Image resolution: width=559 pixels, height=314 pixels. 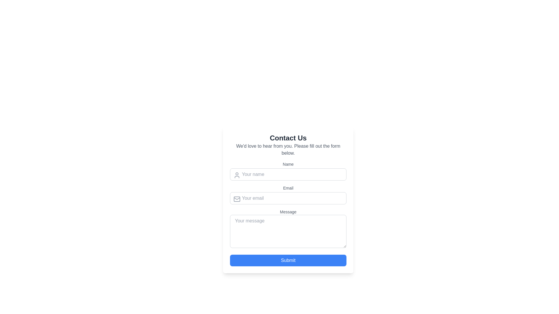 What do you see at coordinates (288, 195) in the screenshot?
I see `the email address input field, which is located directly below the 'Name' field and above the 'Message' field in the form, centrally positioned within the interface` at bounding box center [288, 195].